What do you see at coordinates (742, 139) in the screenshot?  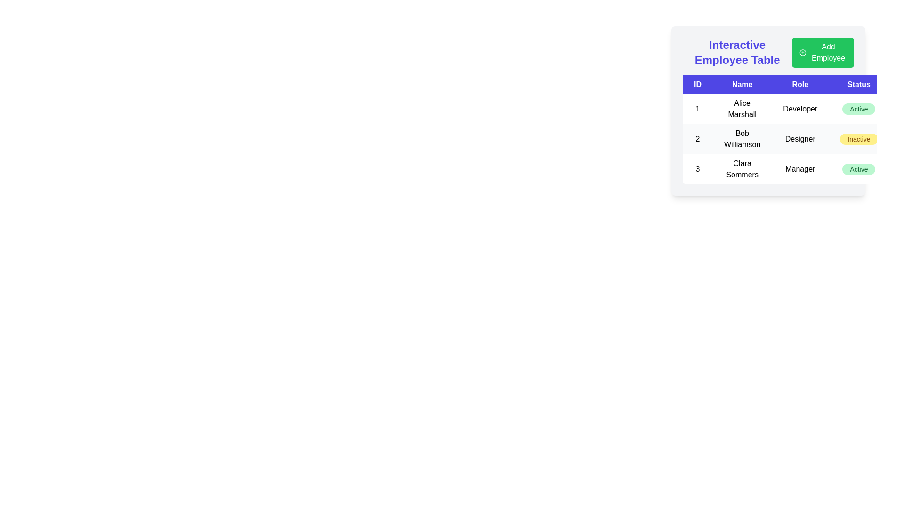 I see `the table cell displaying the name 'Bob Williamson' in the second column of the 'Interactive Employee Table'` at bounding box center [742, 139].